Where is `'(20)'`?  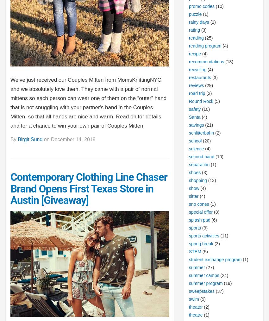 '(20)' is located at coordinates (206, 141).